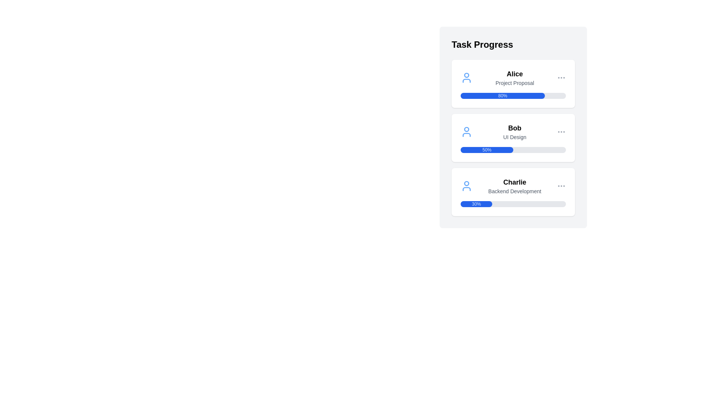  What do you see at coordinates (561, 132) in the screenshot?
I see `the center dot of the Ellipsis icon, which is gray and located on the right side of the 'Bob UI Design' segment` at bounding box center [561, 132].